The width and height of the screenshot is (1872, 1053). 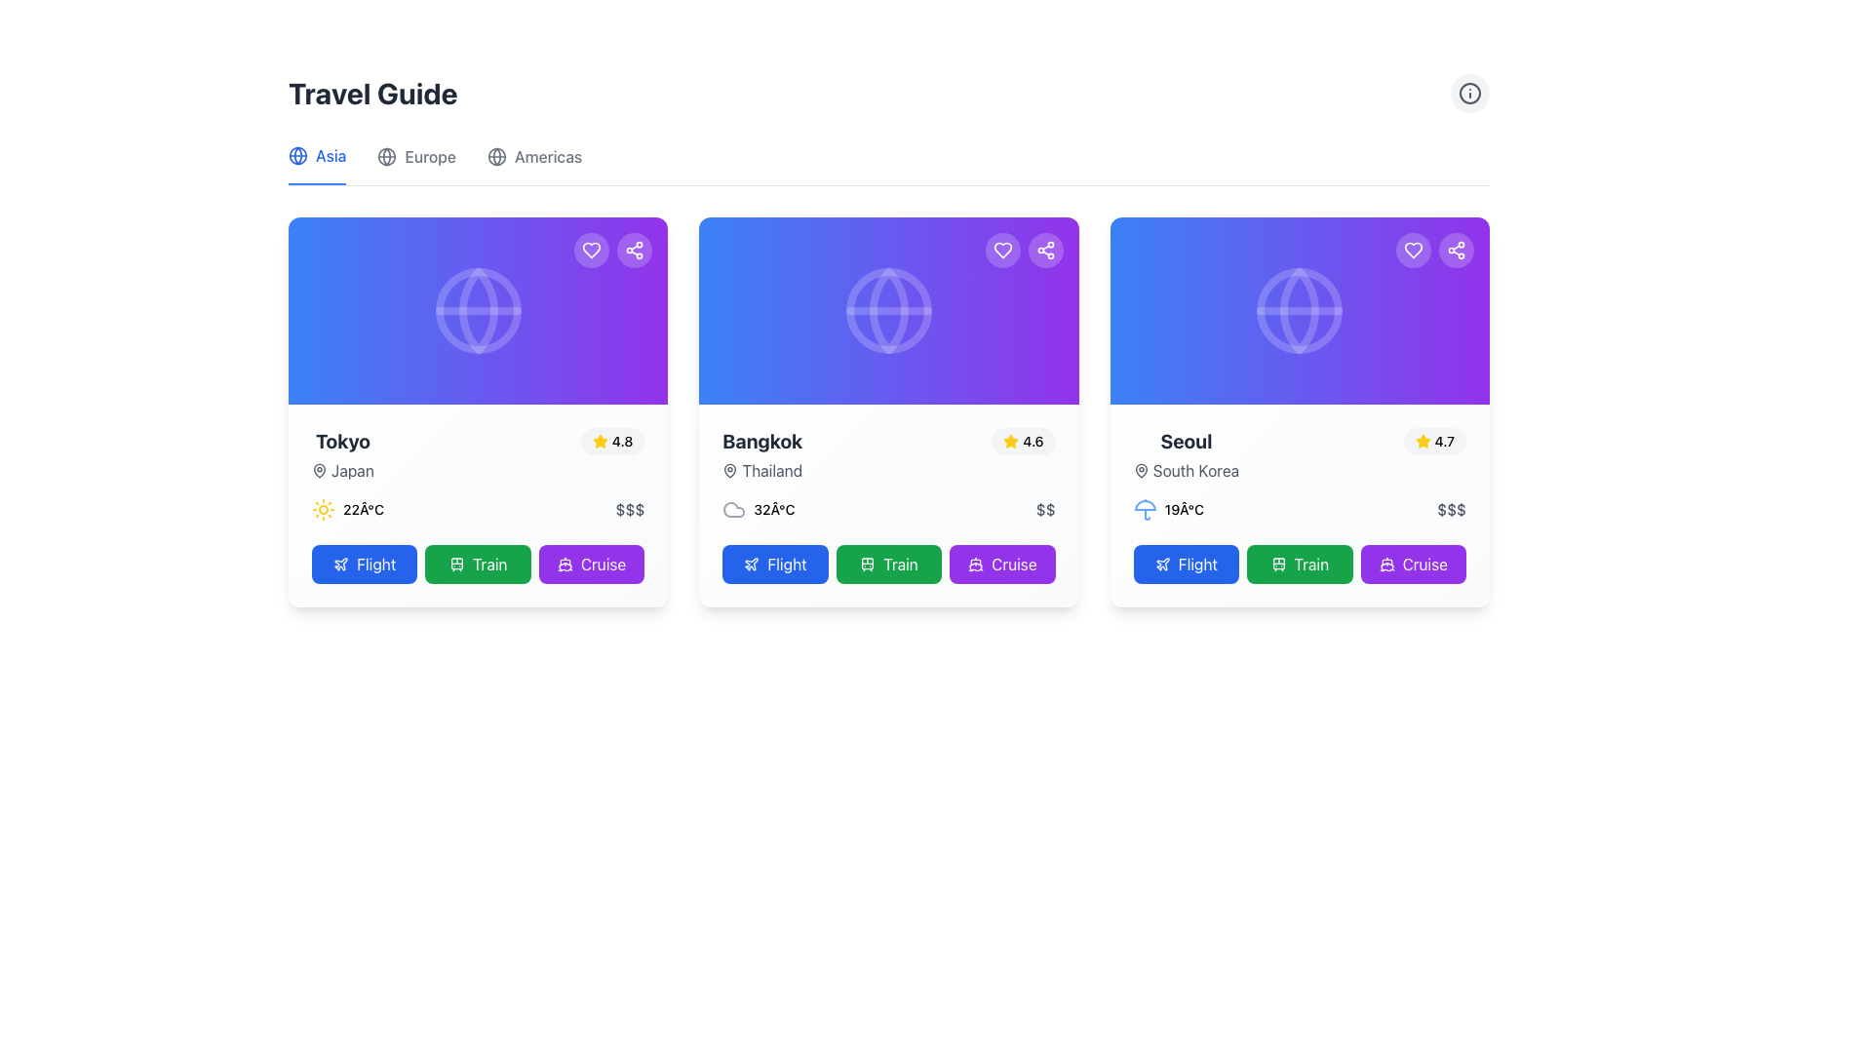 I want to click on the Decorative Banner Section located at the top of the second card from the left, above the text 'Bangkok', so click(x=888, y=310).